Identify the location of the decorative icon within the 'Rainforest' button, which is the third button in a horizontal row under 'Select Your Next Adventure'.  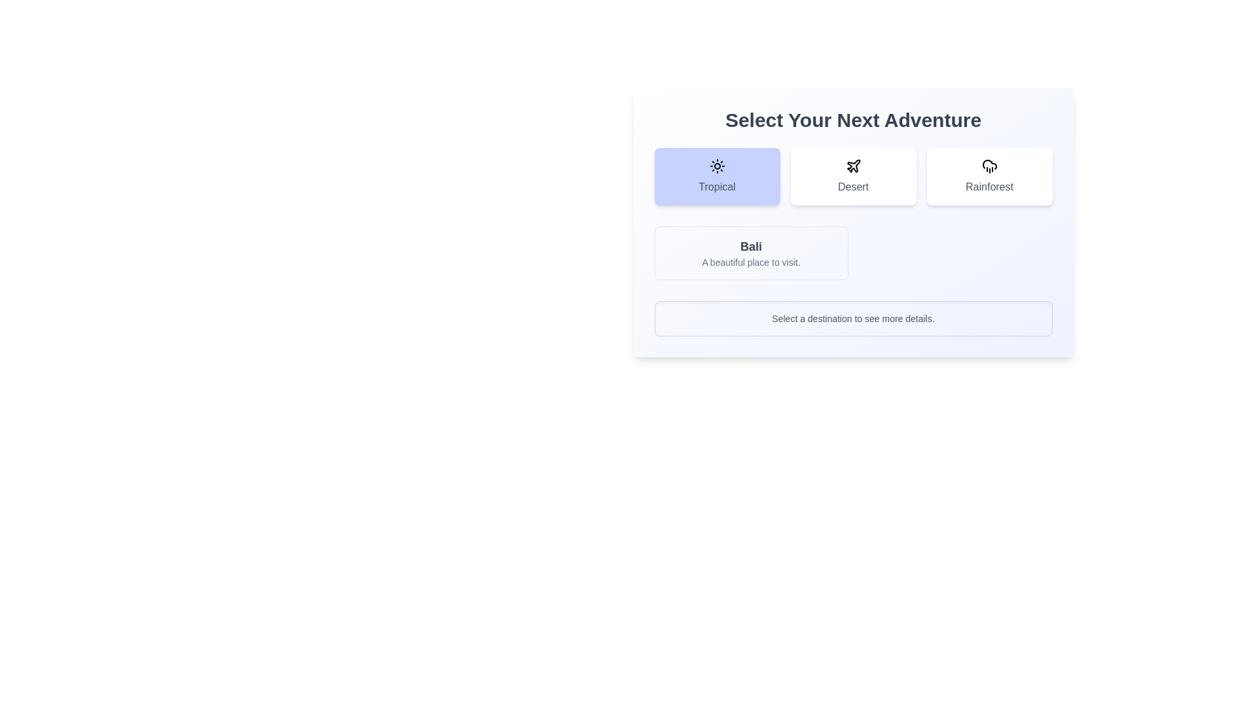
(989, 166).